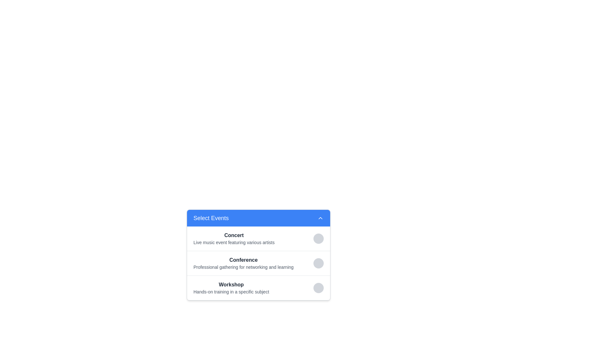 This screenshot has height=346, width=616. Describe the element at coordinates (231, 284) in the screenshot. I see `the bold text label reading 'Workshop' located in the third section under 'Select Events', which is above the text 'Hands-on training in a specific subject'` at that location.